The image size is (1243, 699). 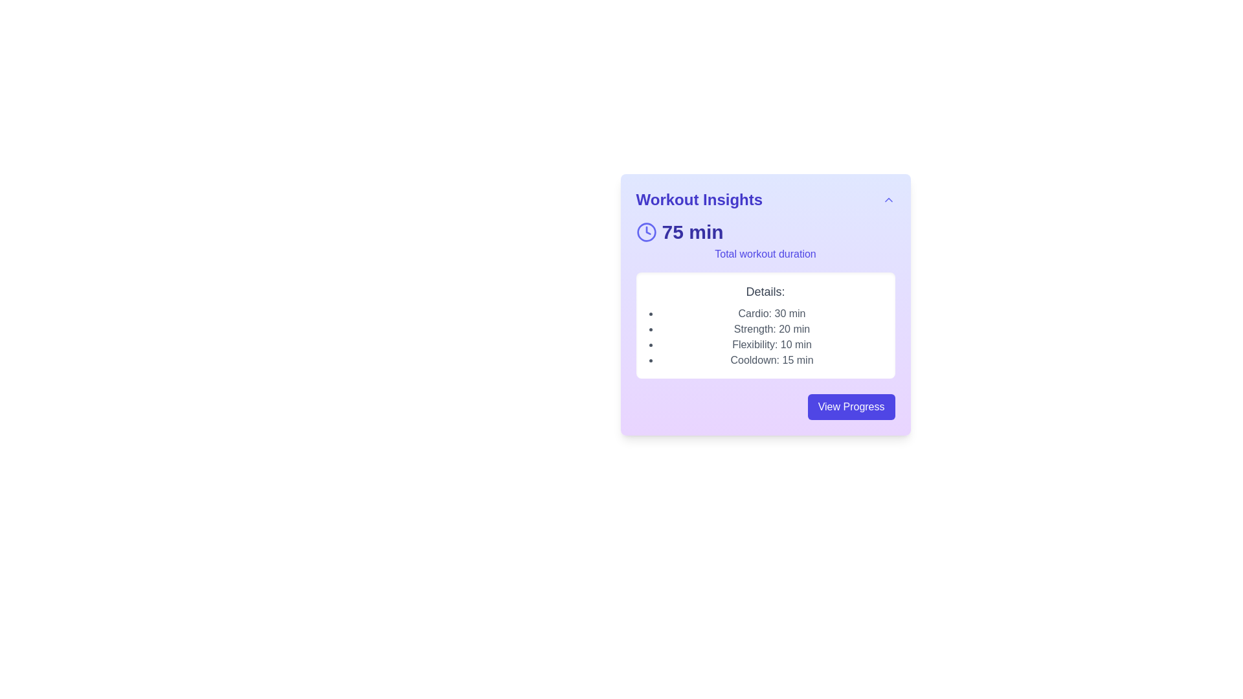 I want to click on the circular SVG graphical element that represents the workout duration in the 'Workout Insights' section, so click(x=646, y=231).